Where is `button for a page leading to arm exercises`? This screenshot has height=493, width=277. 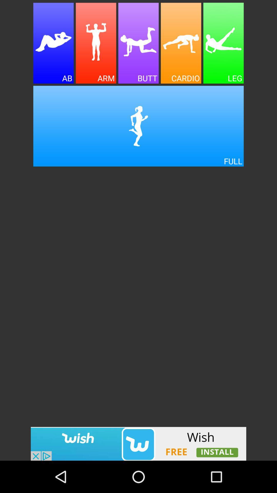 button for a page leading to arm exercises is located at coordinates (96, 43).